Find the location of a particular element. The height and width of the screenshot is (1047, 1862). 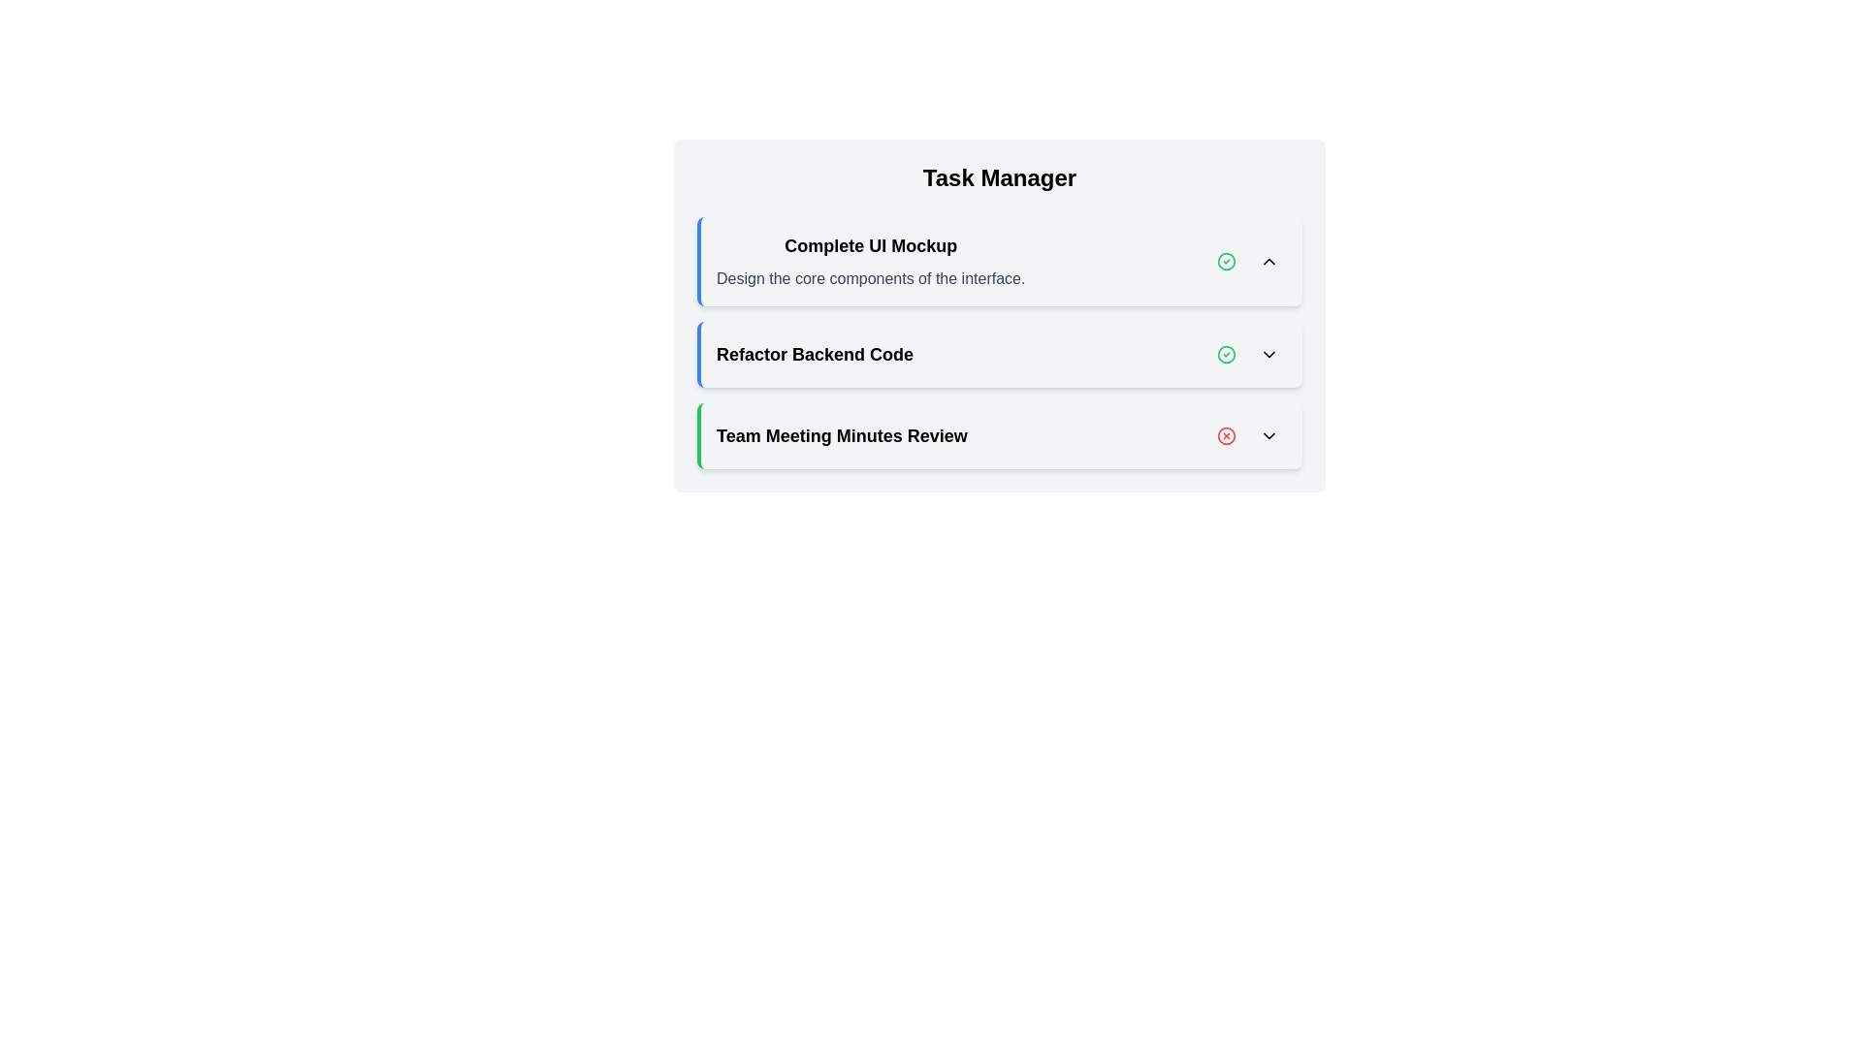

text element displaying 'Design the core components of the interface.' located beneath the heading 'Complete UI Mockup.' is located at coordinates (870, 279).